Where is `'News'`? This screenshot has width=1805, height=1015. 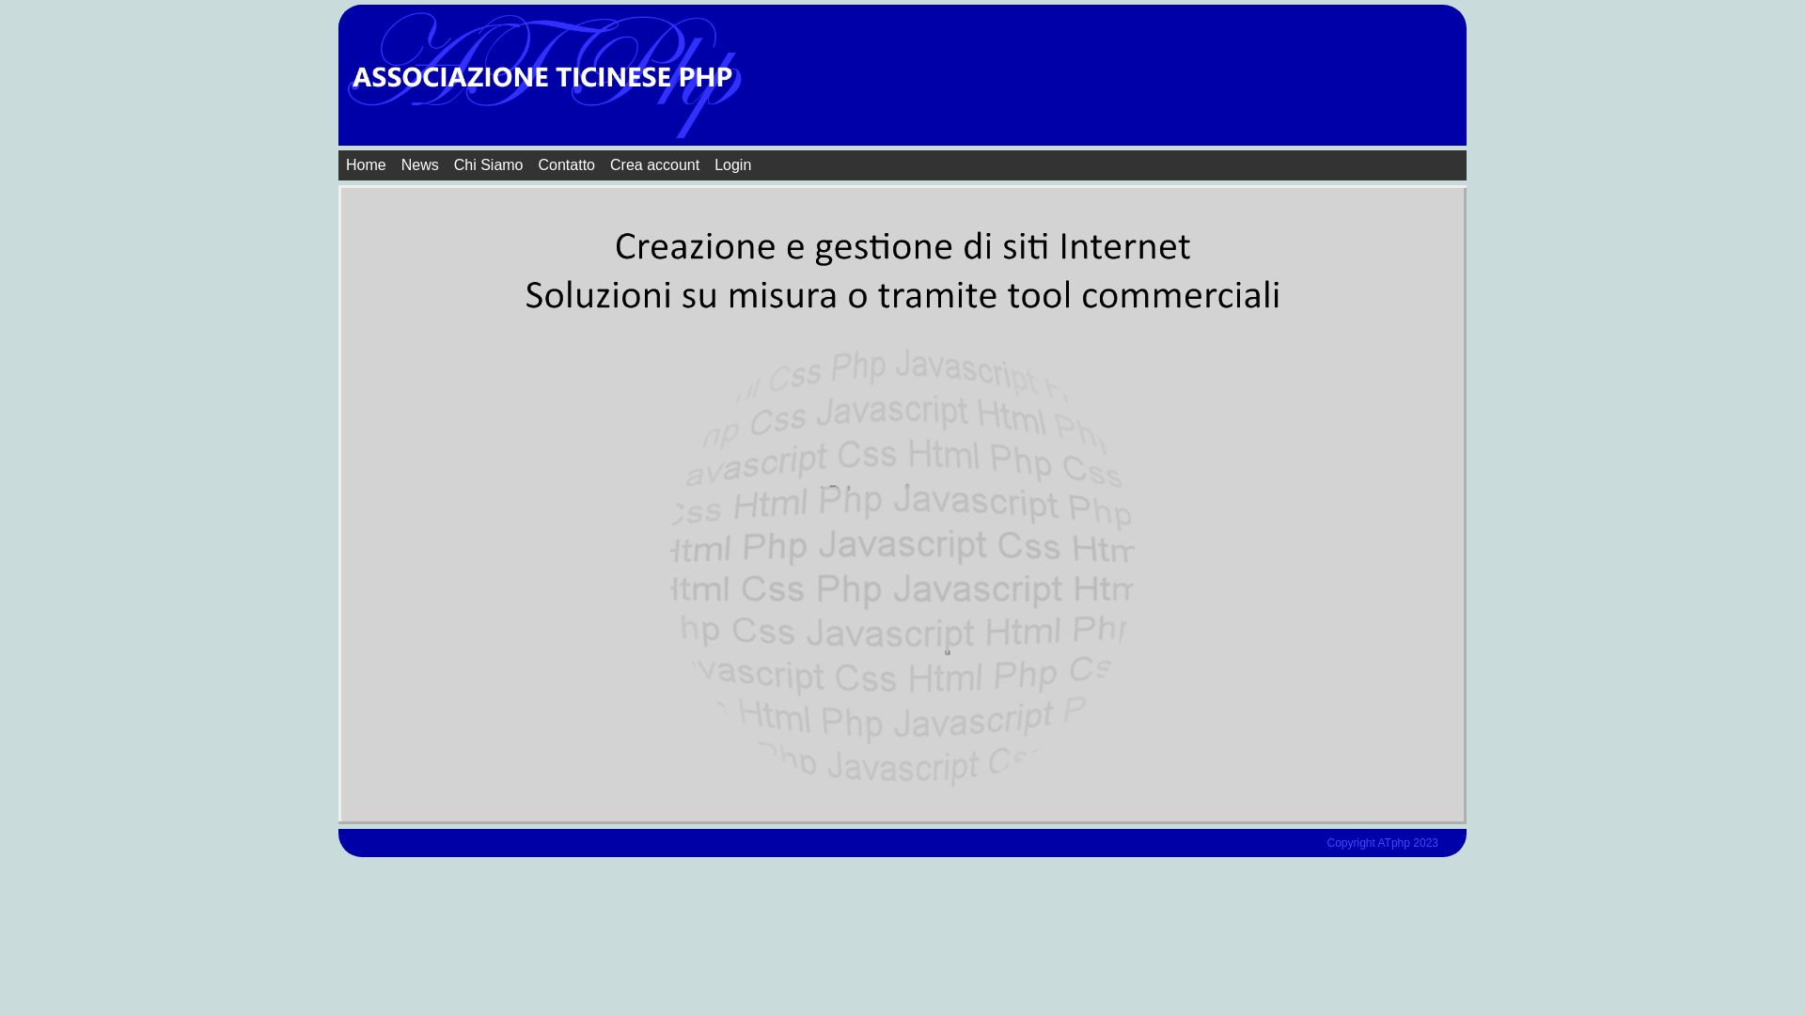
'News' is located at coordinates (418, 164).